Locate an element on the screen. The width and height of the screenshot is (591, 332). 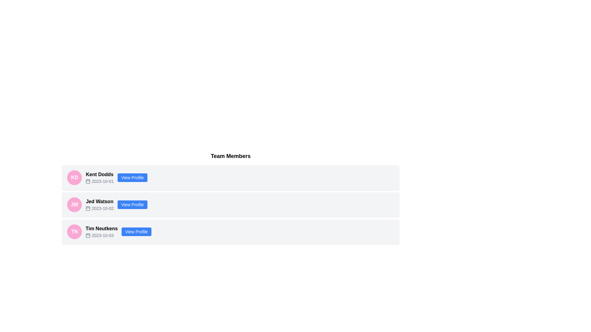
date text '2023-10-03' displayed next to the calendar icon in the profile card for 'Tim Neutkens' is located at coordinates (102, 235).